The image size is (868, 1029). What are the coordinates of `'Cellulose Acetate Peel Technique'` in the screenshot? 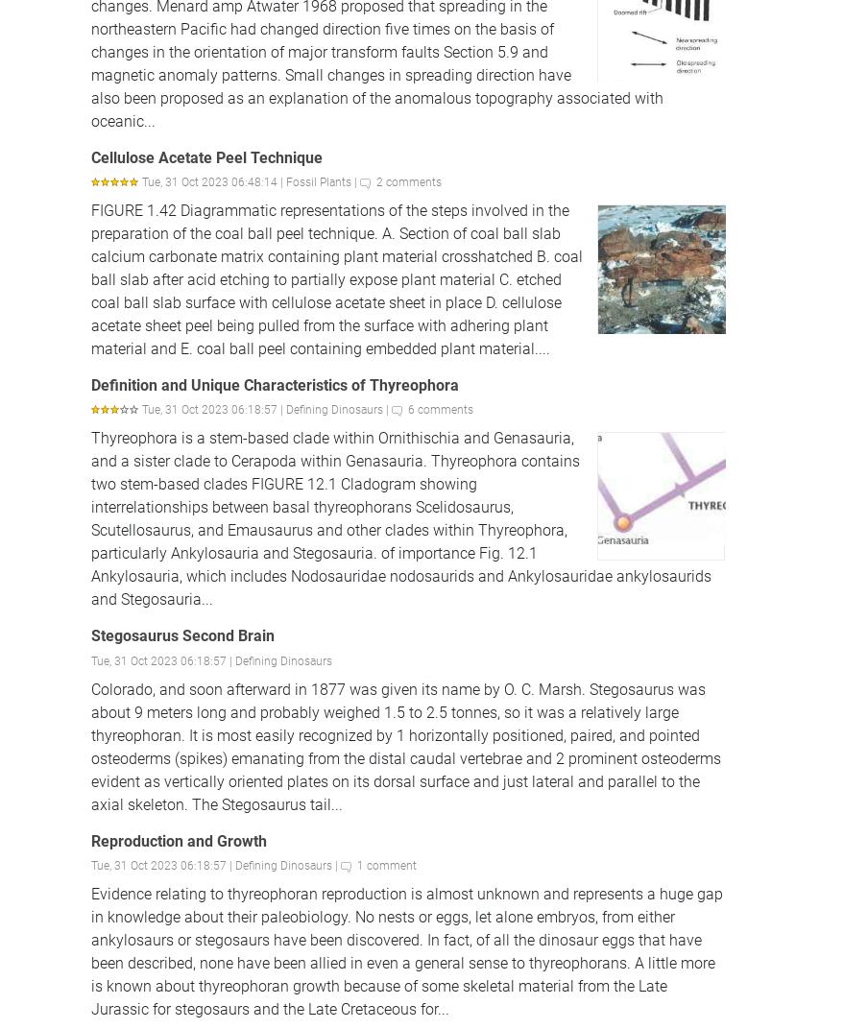 It's located at (206, 156).